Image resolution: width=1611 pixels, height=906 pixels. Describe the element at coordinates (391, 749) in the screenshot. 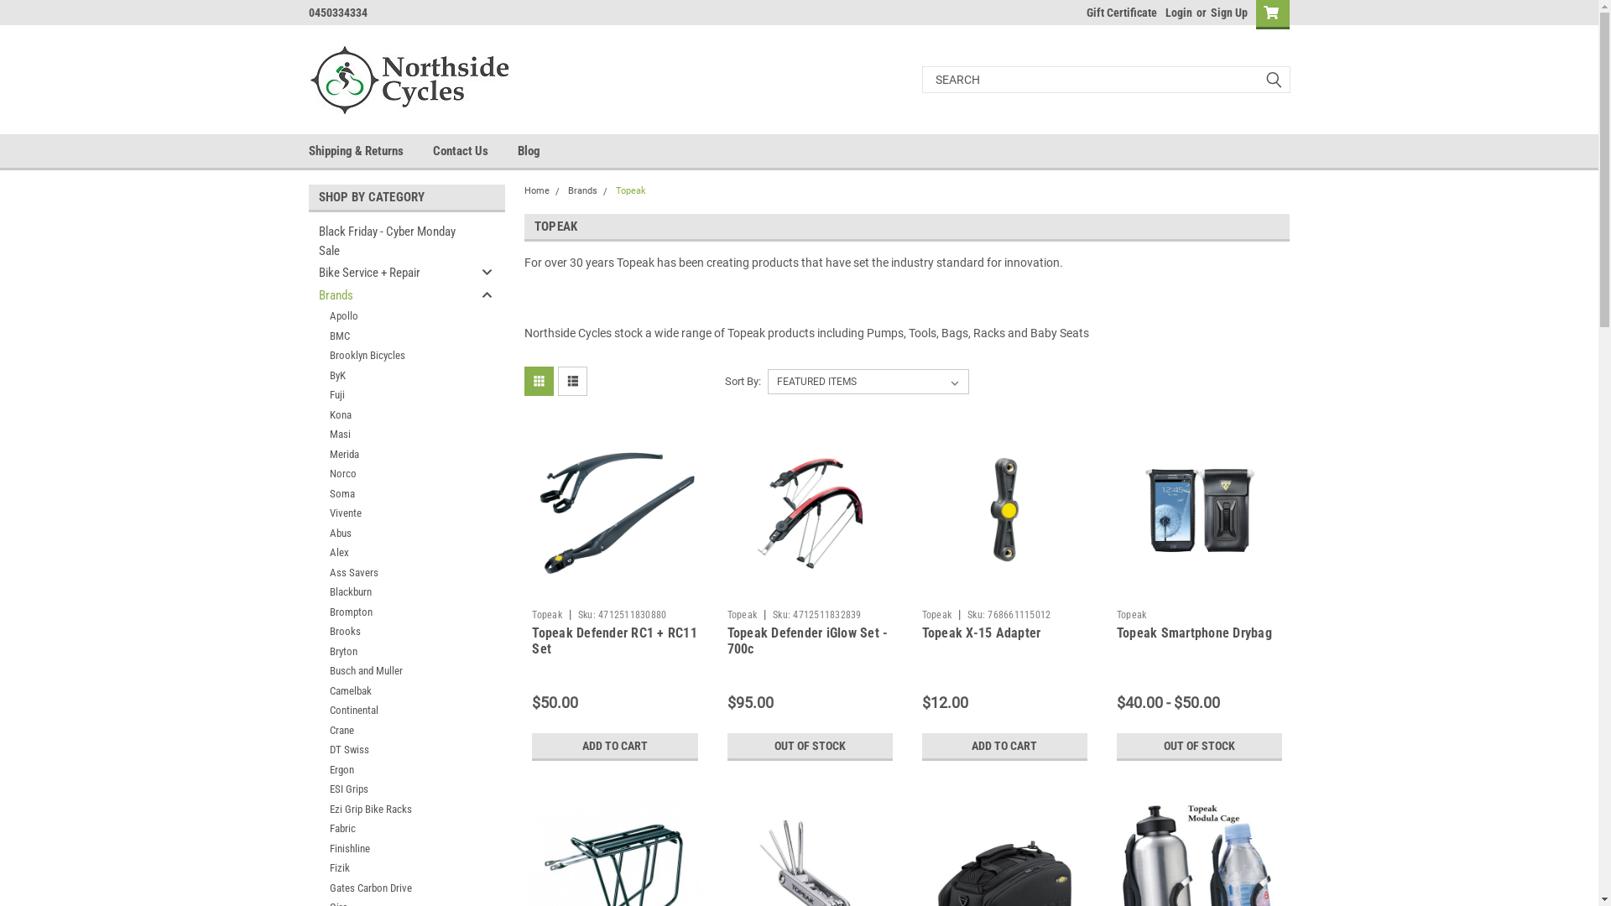

I see `'DT Swiss'` at that location.